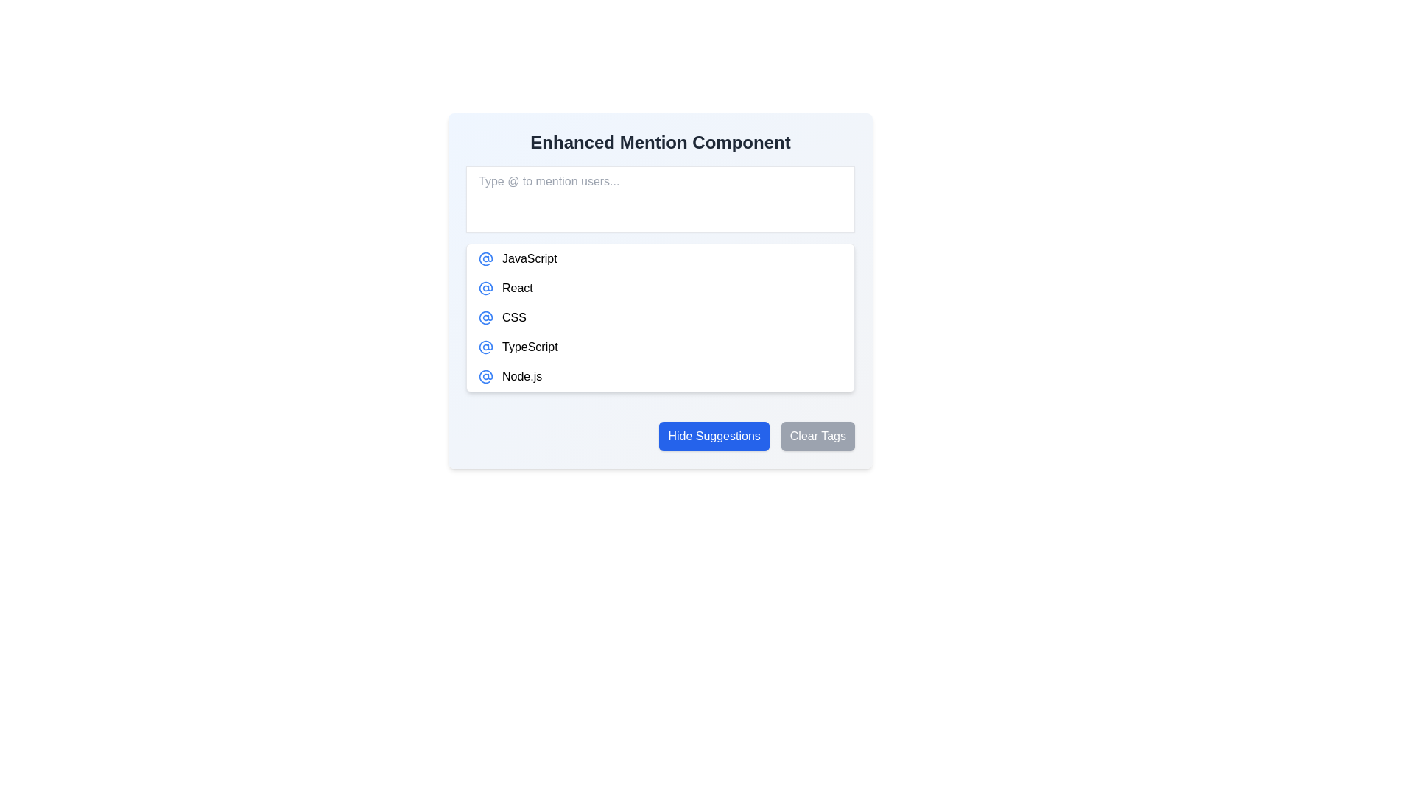 This screenshot has width=1414, height=795. What do you see at coordinates (817, 436) in the screenshot?
I see `the reset/clear tags button located at the bottom-right corner of the panel to observe a design change` at bounding box center [817, 436].